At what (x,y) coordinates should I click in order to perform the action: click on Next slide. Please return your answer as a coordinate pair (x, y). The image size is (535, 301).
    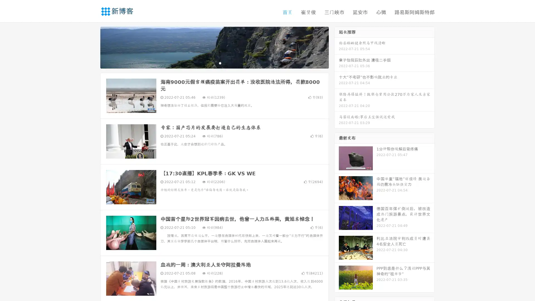
    Looking at the image, I should click on (337, 47).